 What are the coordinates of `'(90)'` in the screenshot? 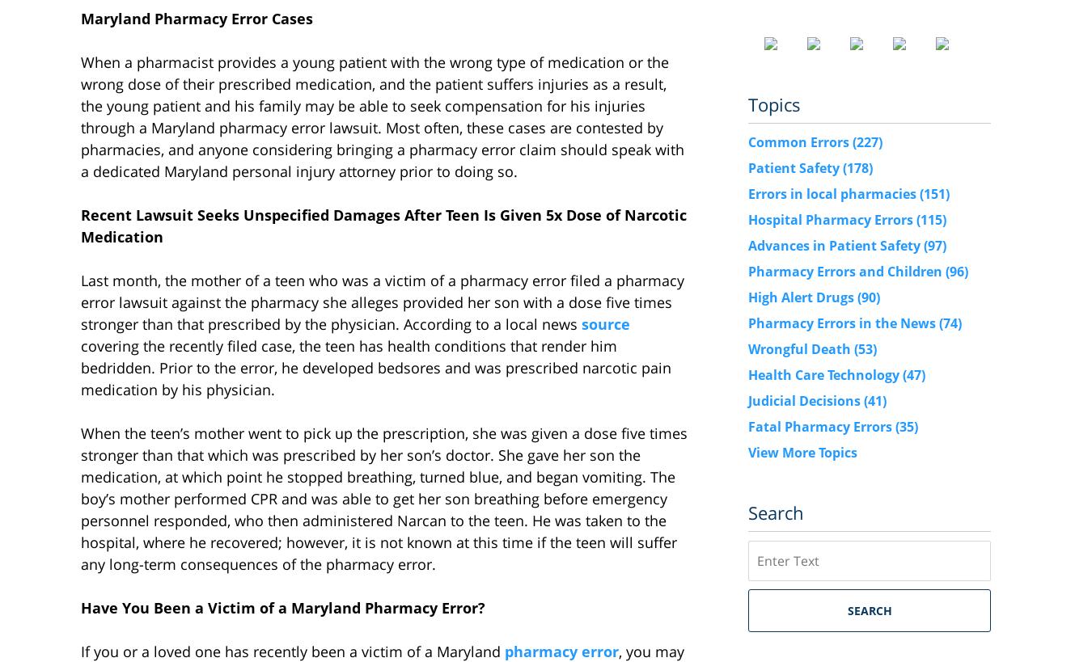 It's located at (869, 295).